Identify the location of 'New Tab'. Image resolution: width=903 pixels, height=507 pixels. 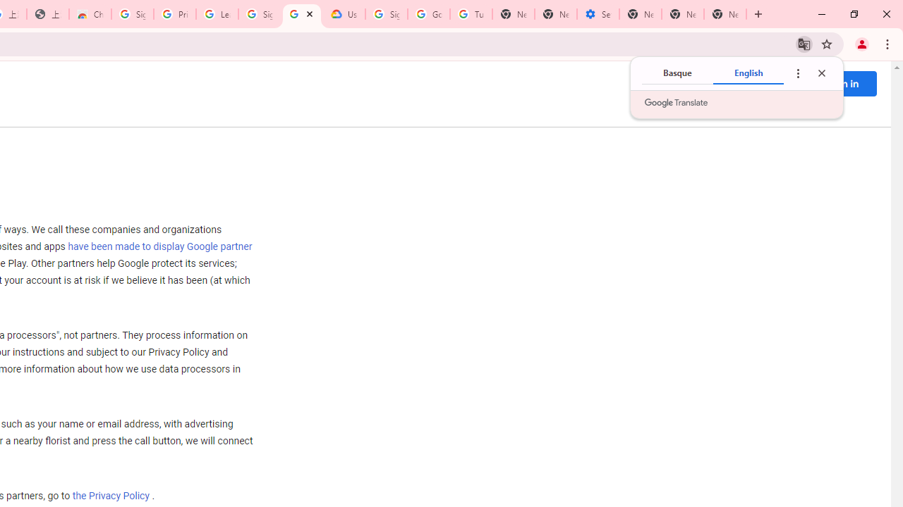
(725, 14).